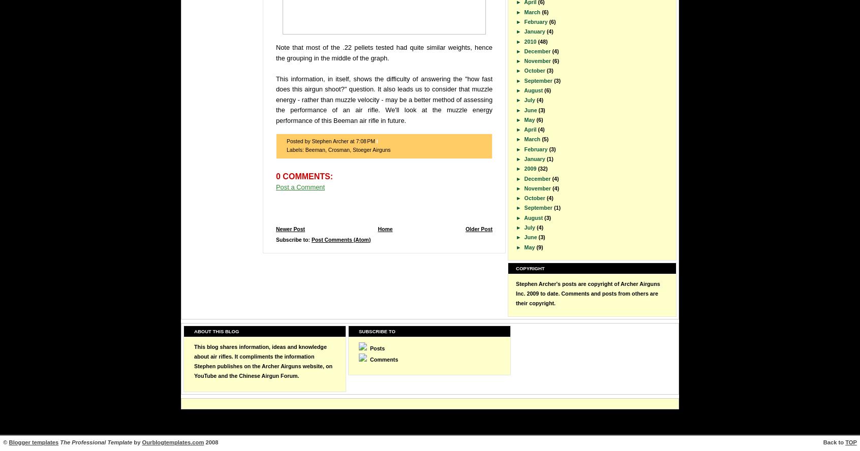 Image resolution: width=860 pixels, height=451 pixels. I want to click on 'Newer Post', so click(290, 229).